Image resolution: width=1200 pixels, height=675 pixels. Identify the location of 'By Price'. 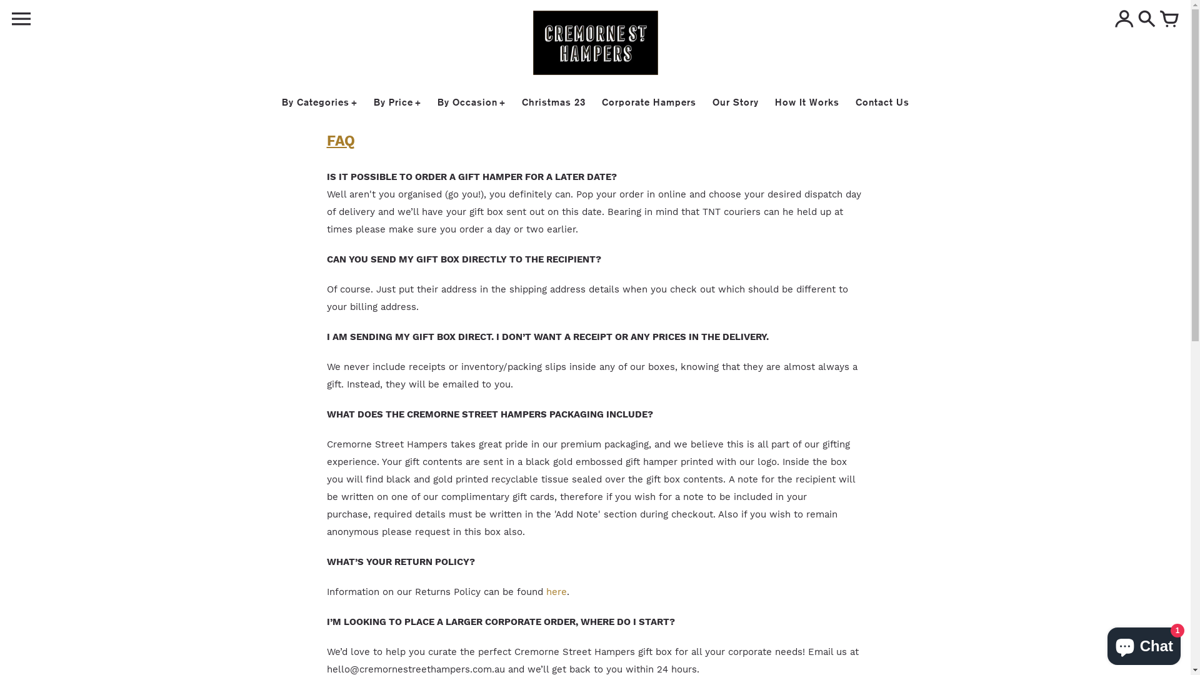
(397, 101).